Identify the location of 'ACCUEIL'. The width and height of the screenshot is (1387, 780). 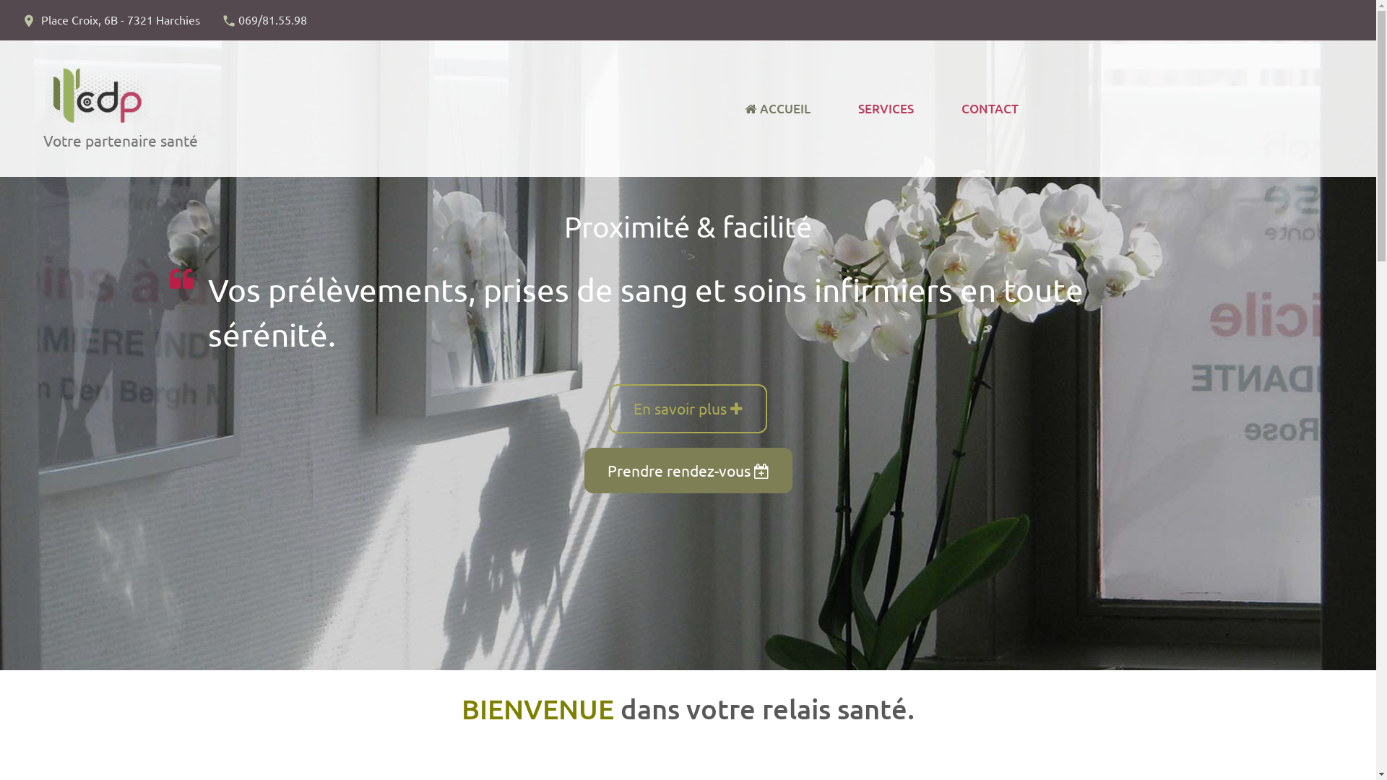
(777, 108).